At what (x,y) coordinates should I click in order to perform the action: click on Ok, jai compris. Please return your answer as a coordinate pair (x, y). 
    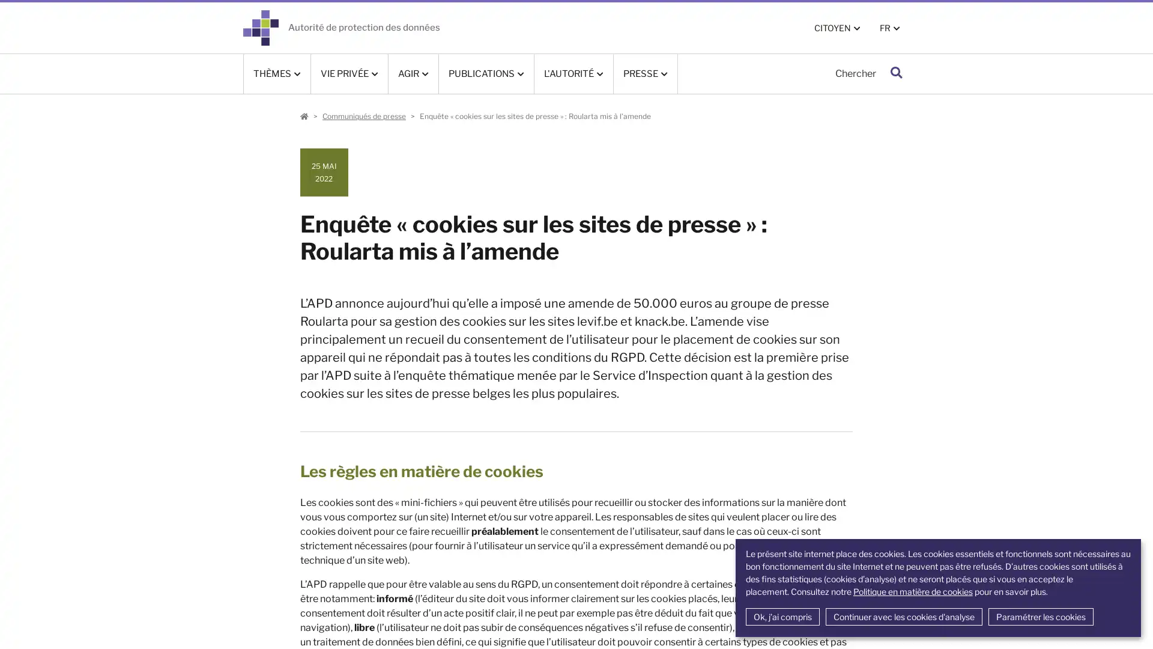
    Looking at the image, I should click on (782, 617).